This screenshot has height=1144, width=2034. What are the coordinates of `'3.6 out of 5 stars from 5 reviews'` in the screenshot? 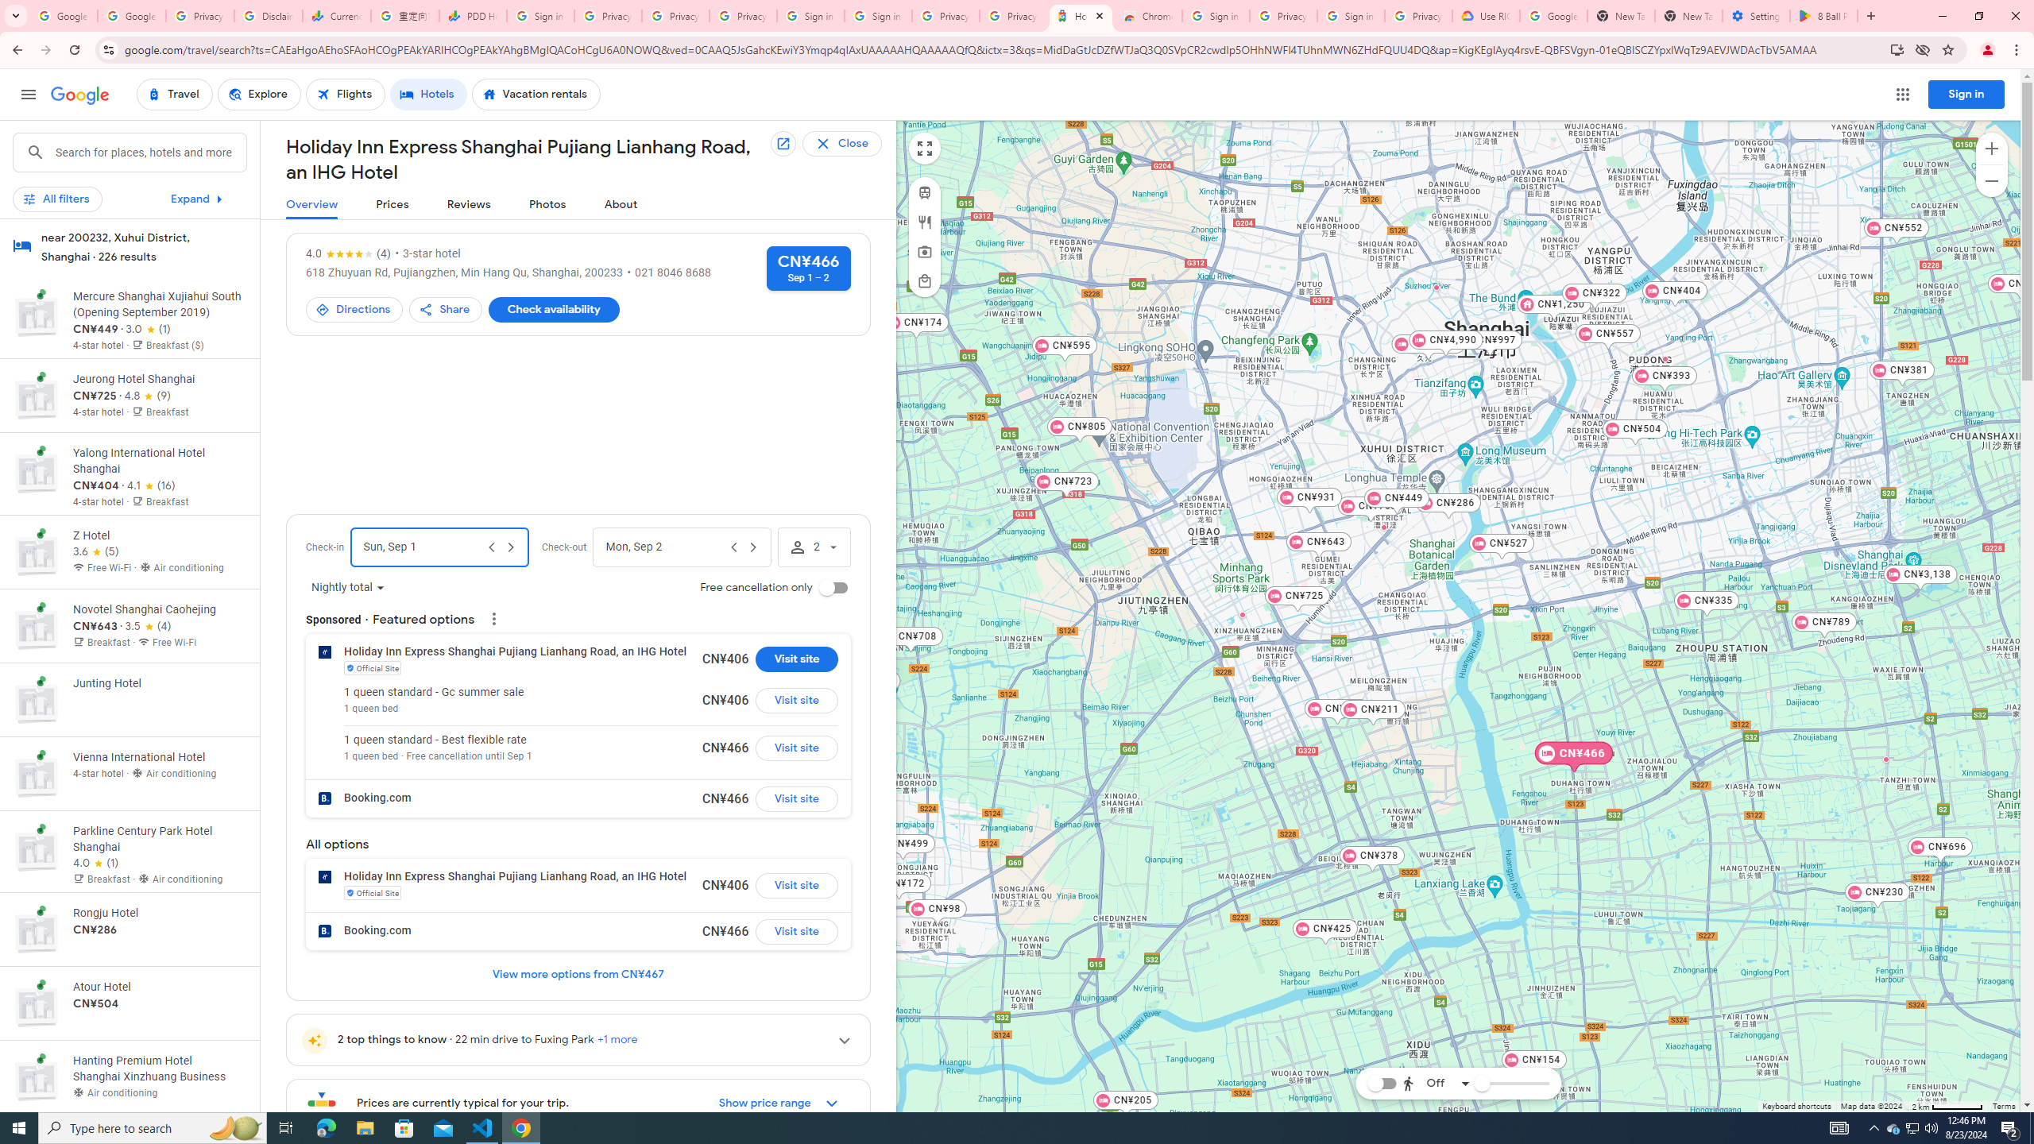 It's located at (96, 551).